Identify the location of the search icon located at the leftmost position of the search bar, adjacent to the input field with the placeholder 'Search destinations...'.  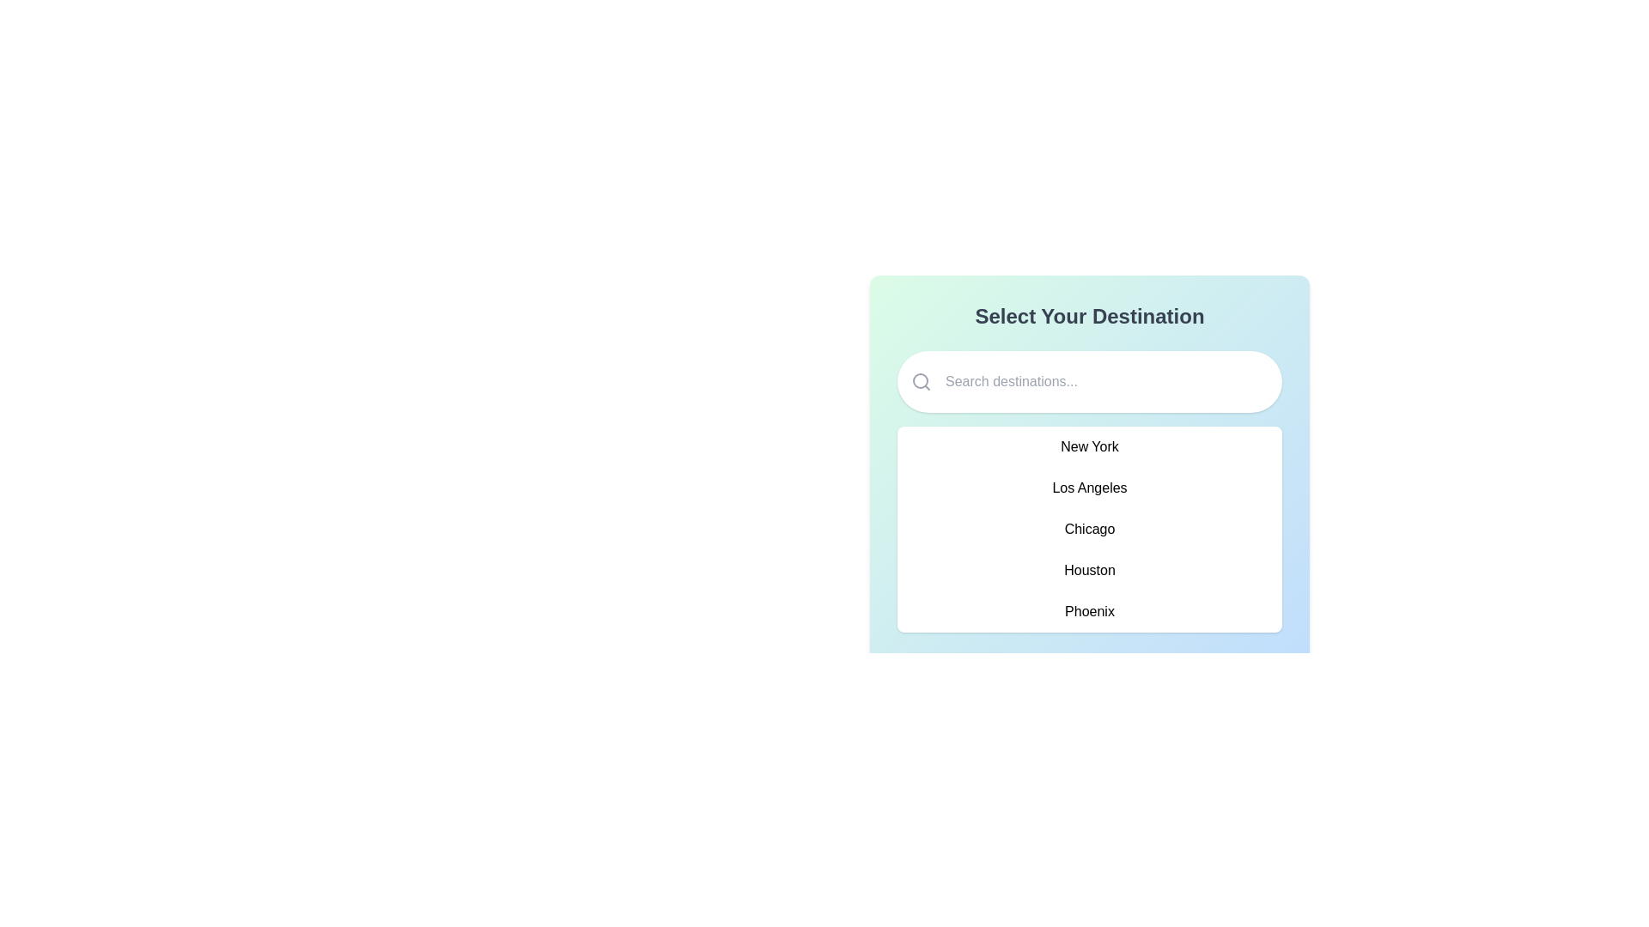
(921, 380).